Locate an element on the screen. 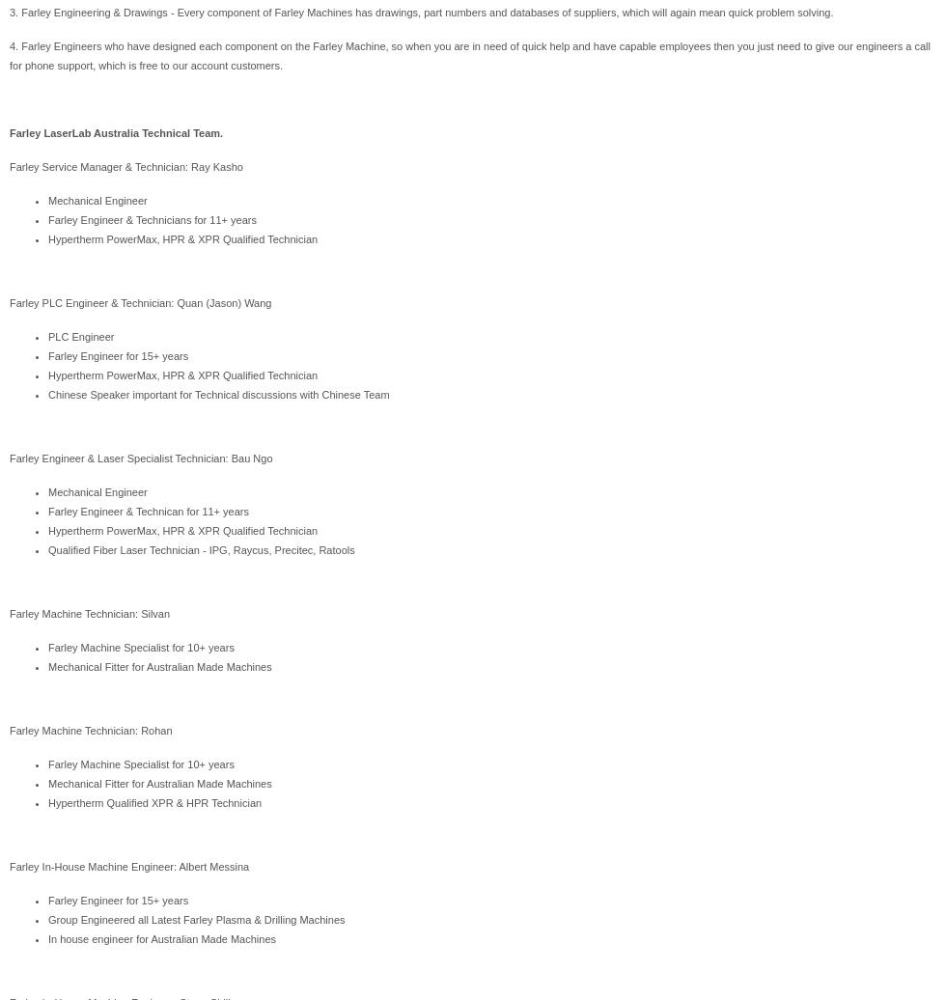 This screenshot has height=1000, width=946. '4. Farley Engineers who have designed each component on the Farley Machine, so when you are in need of  quick help and have capable employees then you just need to give our engineers a call for phone support, which is free to our account customers.' is located at coordinates (469, 56).